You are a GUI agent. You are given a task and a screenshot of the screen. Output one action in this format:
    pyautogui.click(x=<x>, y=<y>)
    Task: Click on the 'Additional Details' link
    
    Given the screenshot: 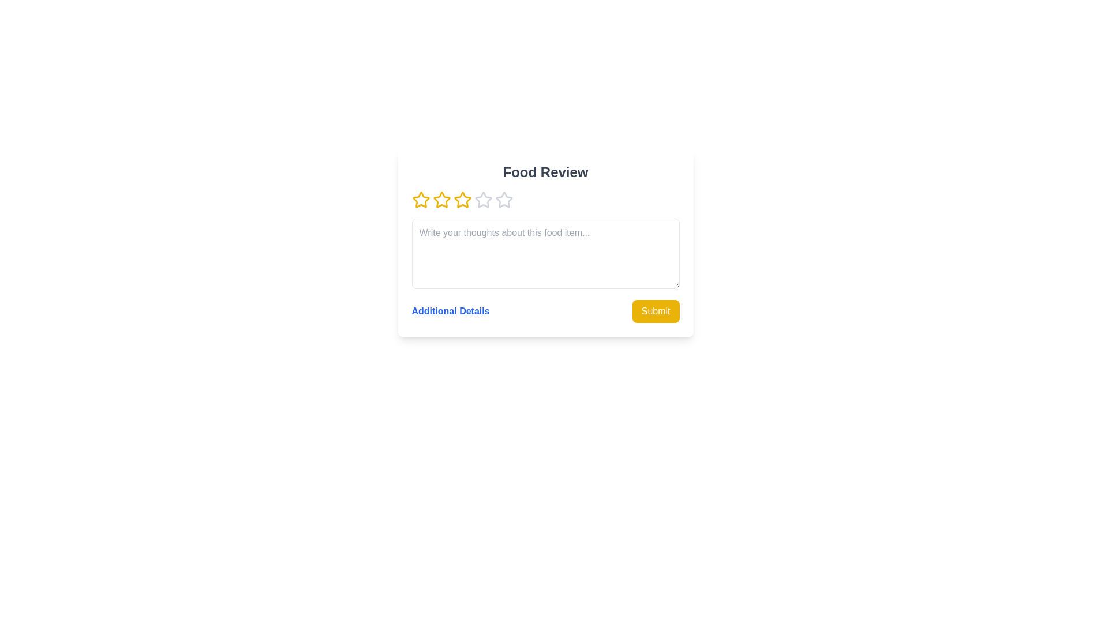 What is the action you would take?
    pyautogui.click(x=450, y=311)
    